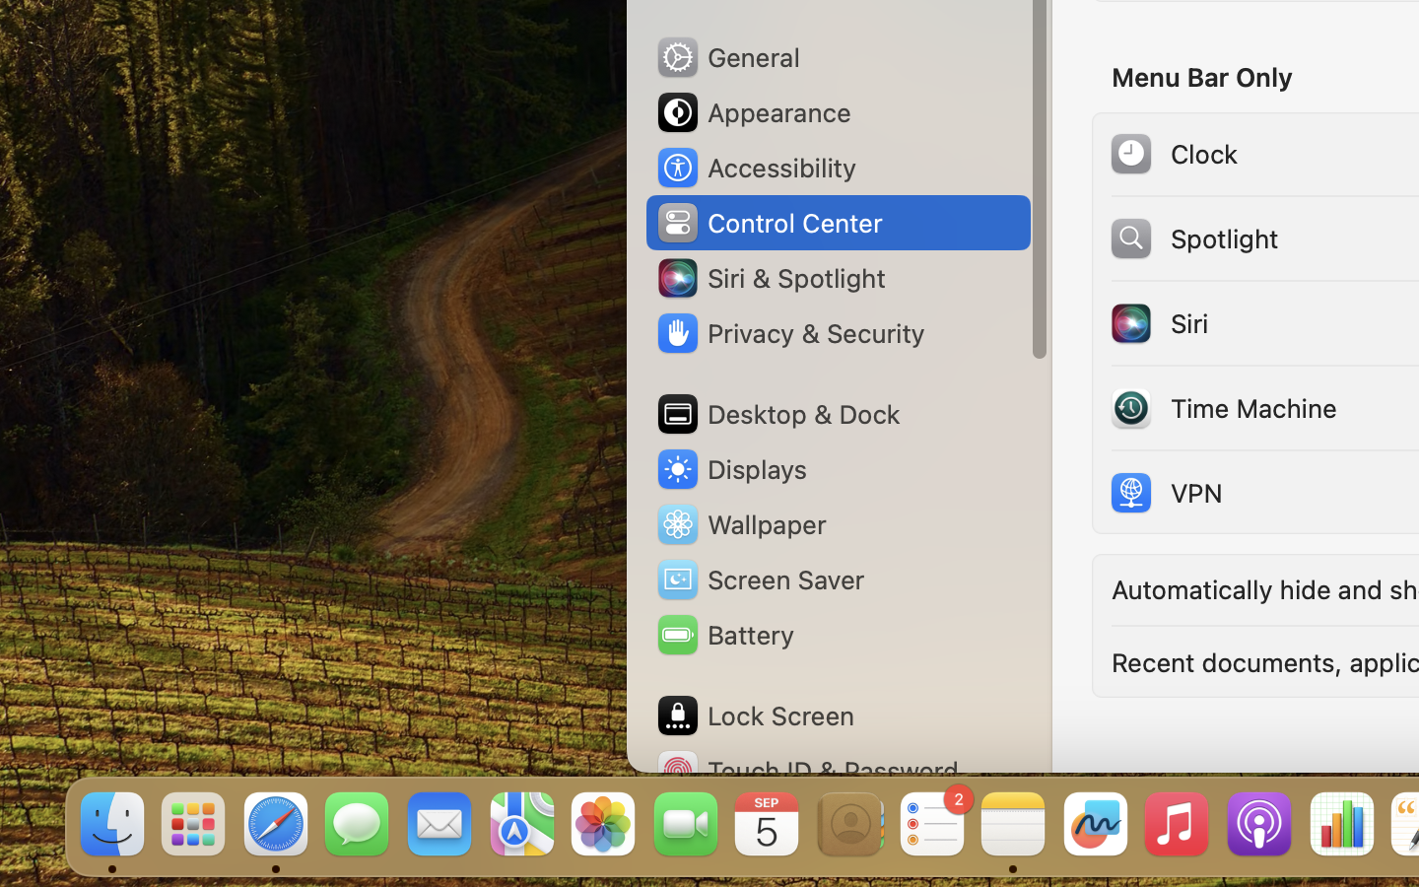  Describe the element at coordinates (807, 770) in the screenshot. I see `'Touch ID & Password'` at that location.